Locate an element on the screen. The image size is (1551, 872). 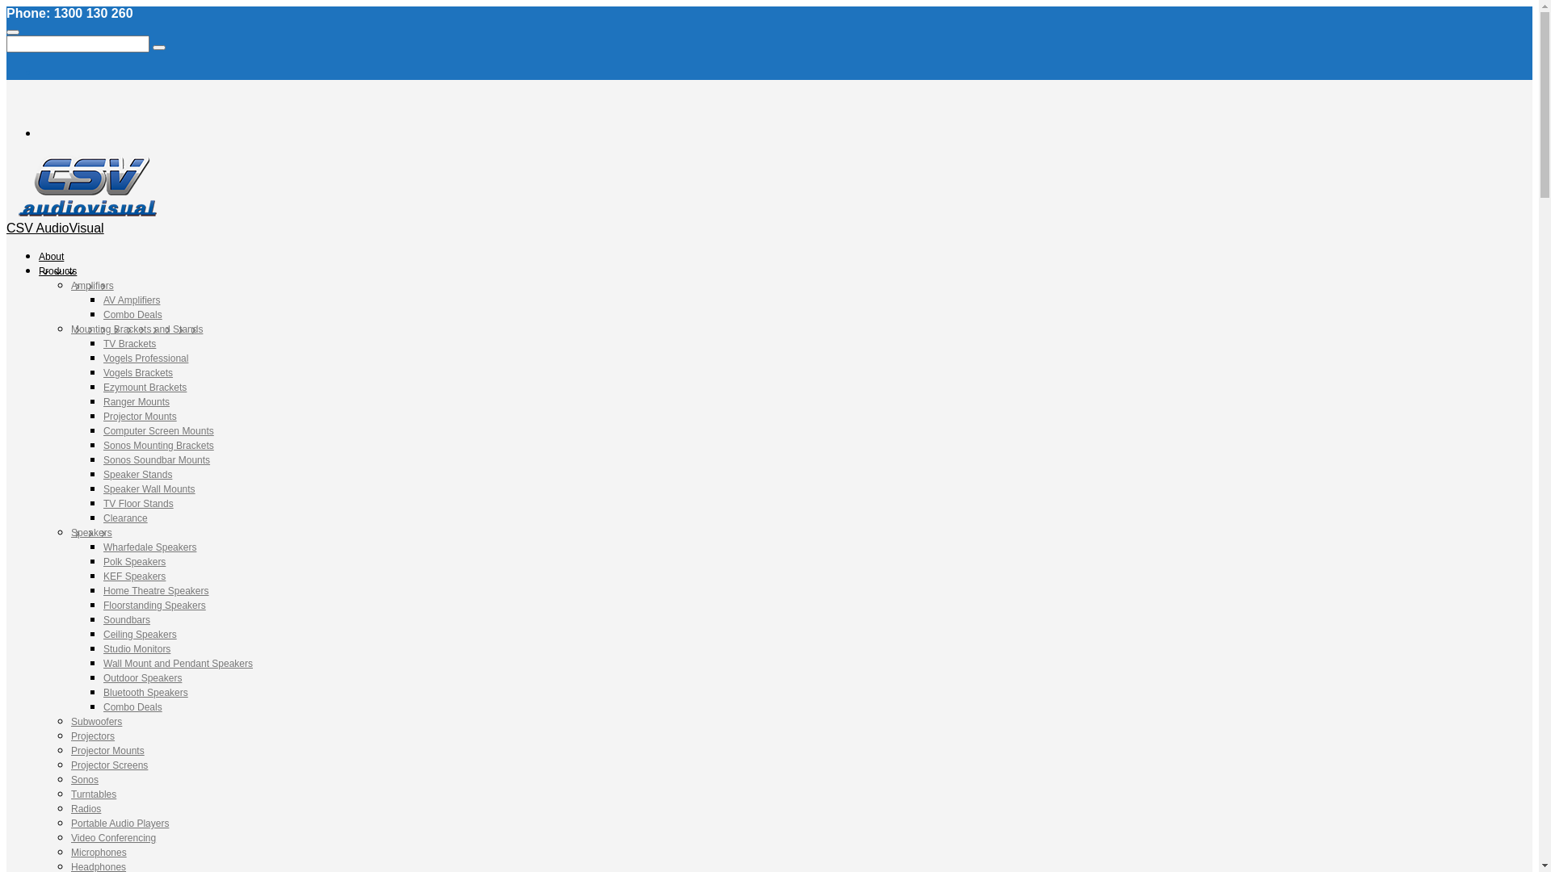
'Ezymount Brackets' is located at coordinates (145, 387).